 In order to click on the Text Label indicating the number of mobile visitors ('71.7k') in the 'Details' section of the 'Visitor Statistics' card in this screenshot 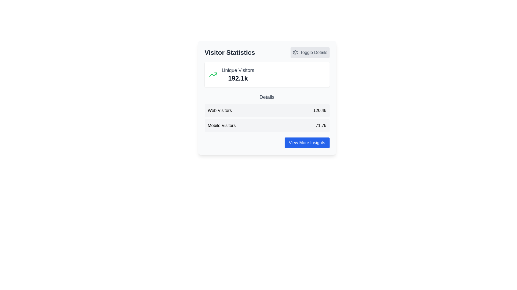, I will do `click(222, 125)`.